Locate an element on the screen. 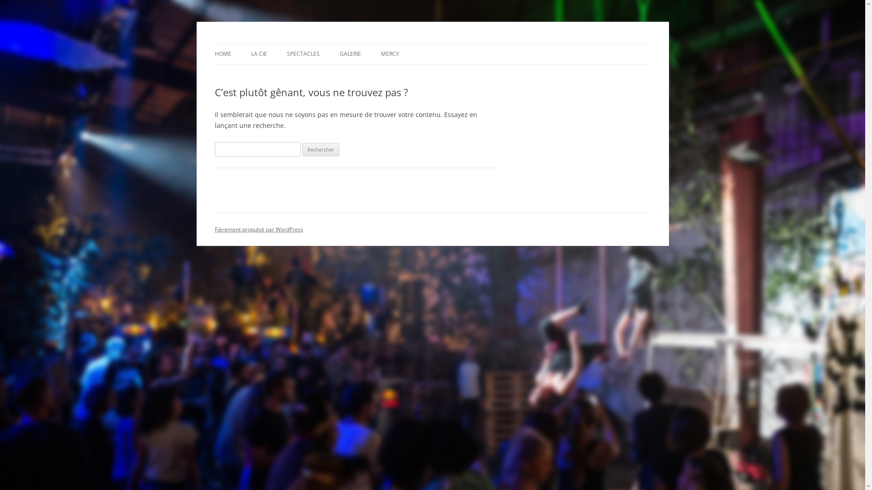 The height and width of the screenshot is (490, 872). 'GALERIE' is located at coordinates (350, 54).